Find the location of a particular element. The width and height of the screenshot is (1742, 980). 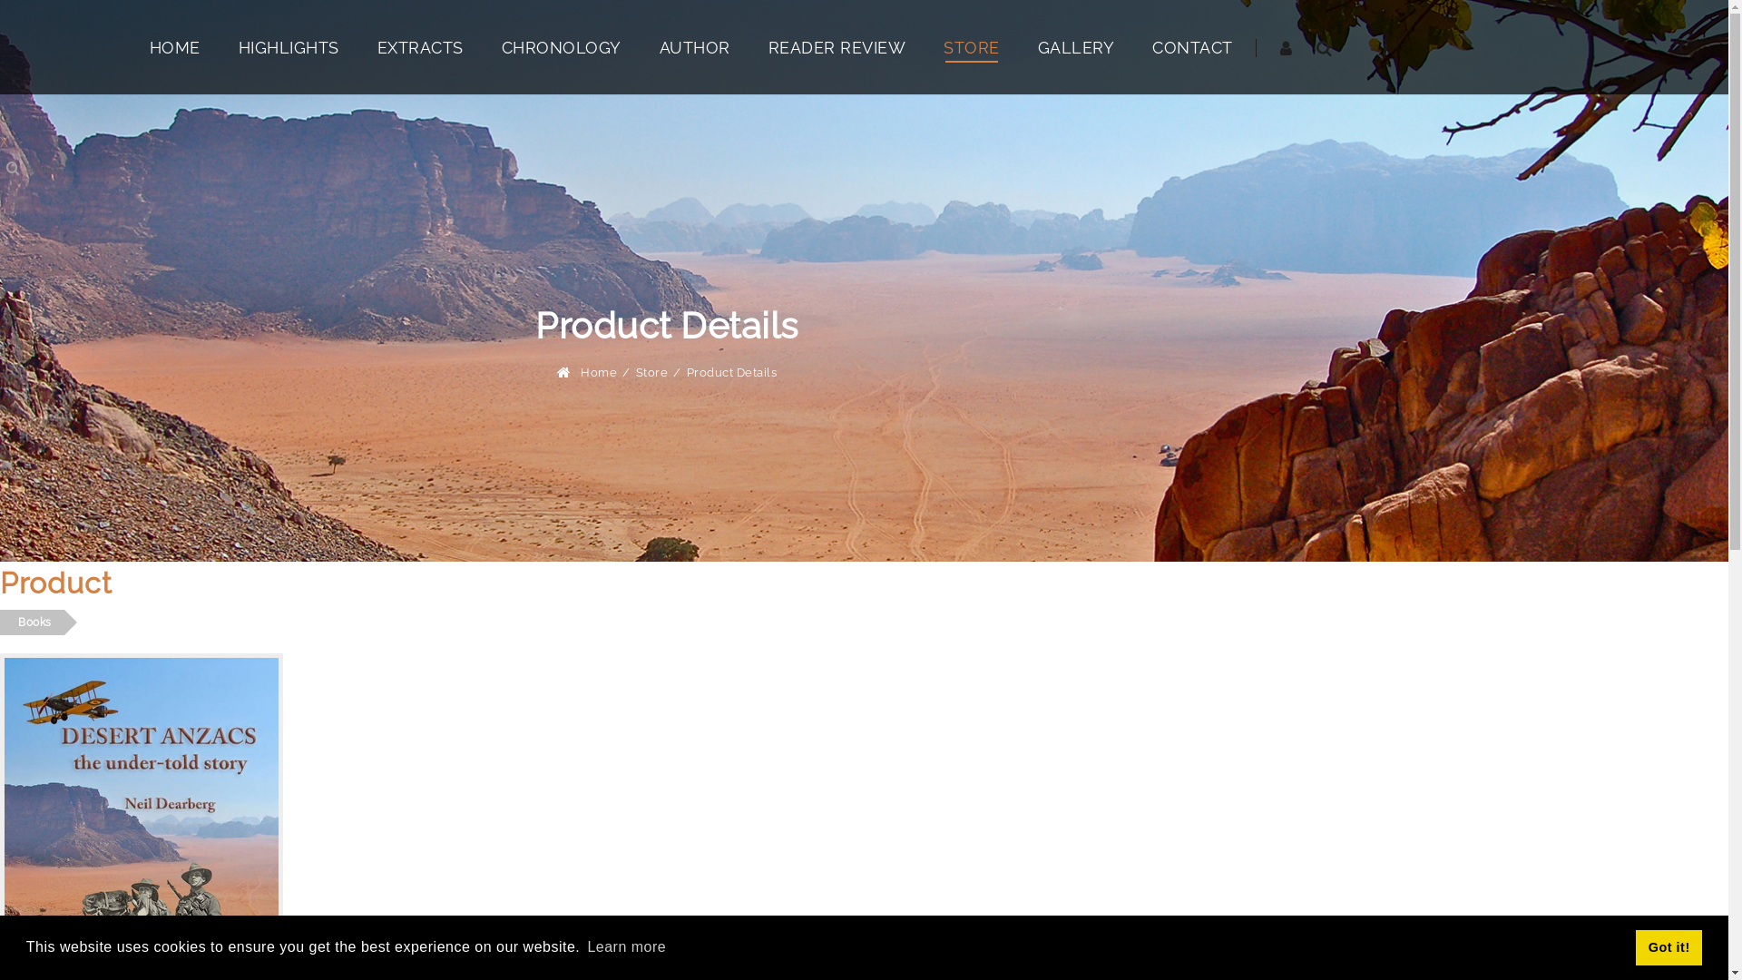

'HOME' is located at coordinates (174, 45).